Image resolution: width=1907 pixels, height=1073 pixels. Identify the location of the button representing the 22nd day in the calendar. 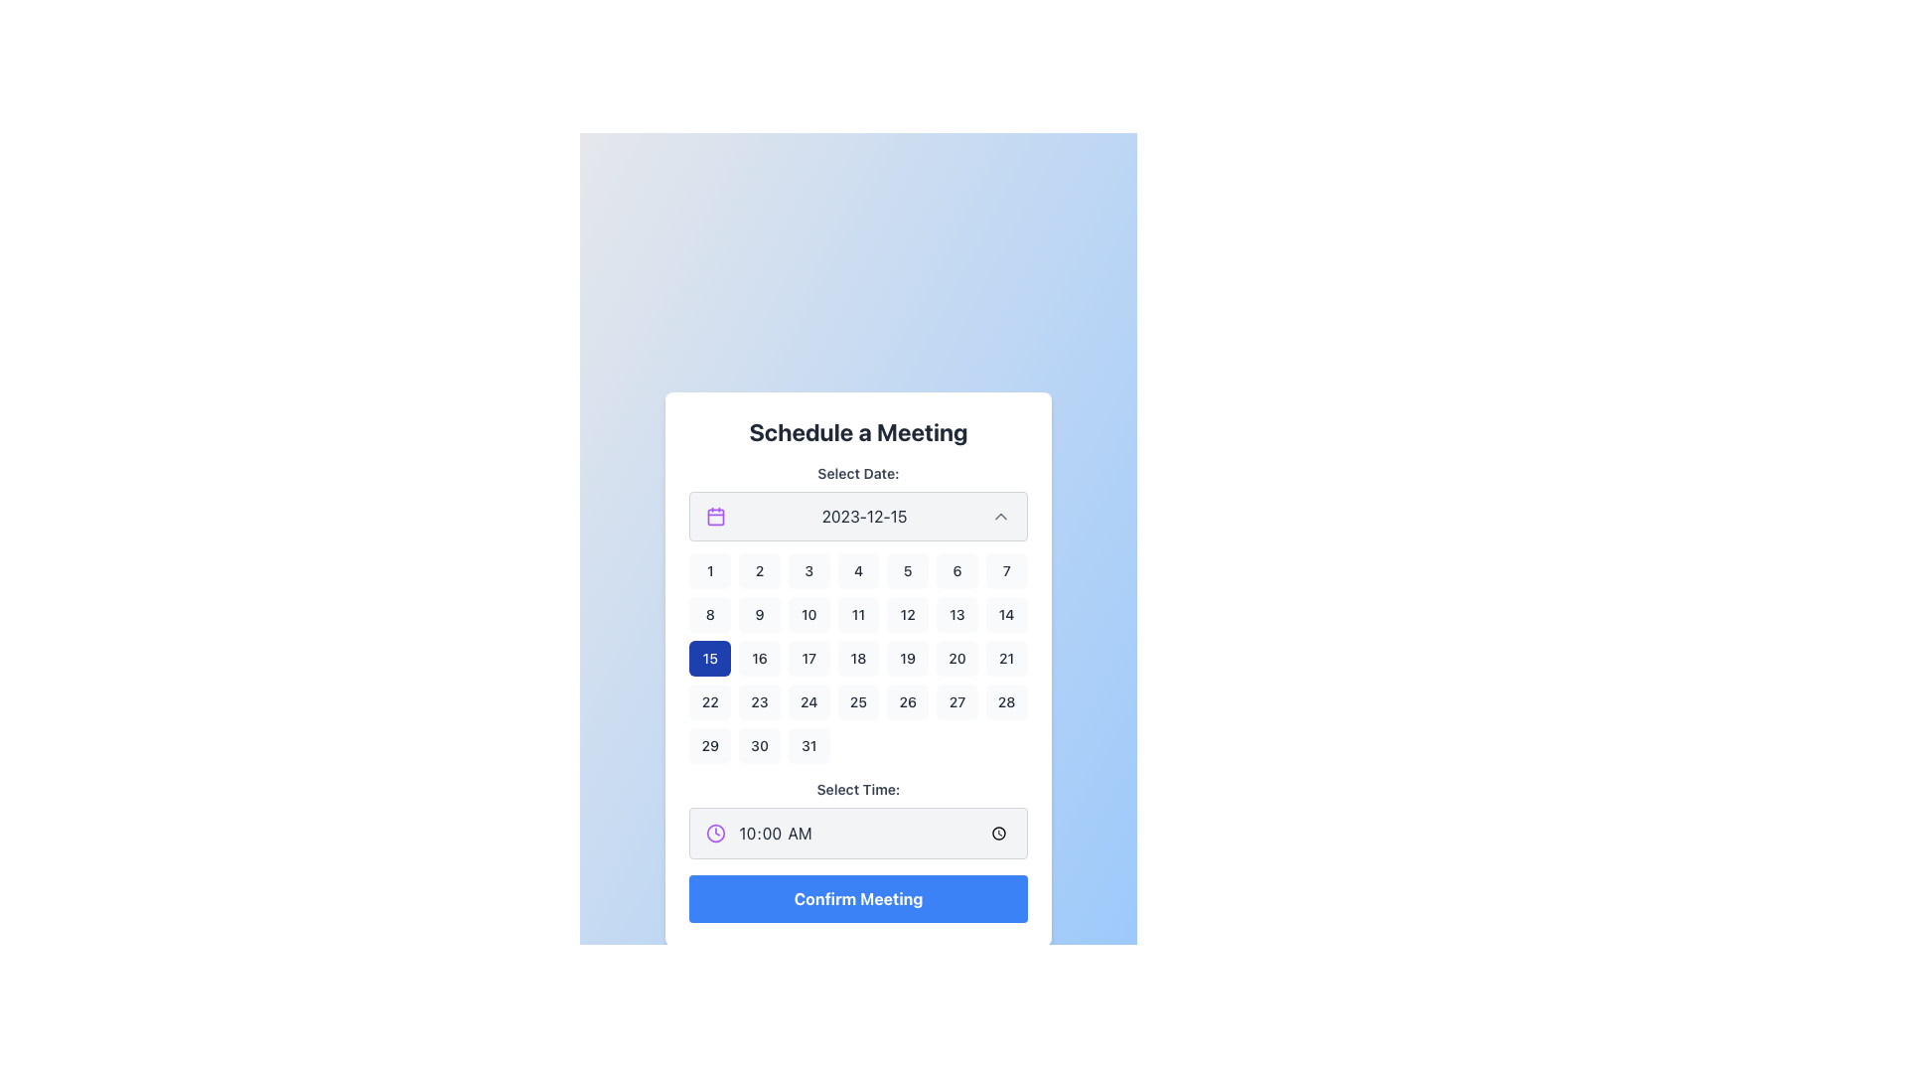
(710, 700).